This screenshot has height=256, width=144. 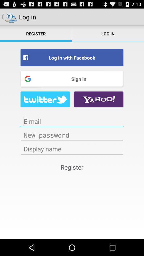 What do you see at coordinates (45, 99) in the screenshot?
I see `facebook page` at bounding box center [45, 99].